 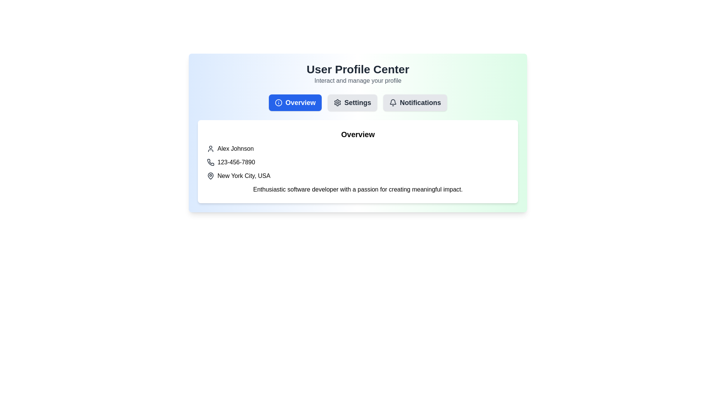 I want to click on the decorative gear-shaped icon located beneath the 'Settings' label in the top center of the interface, so click(x=337, y=103).